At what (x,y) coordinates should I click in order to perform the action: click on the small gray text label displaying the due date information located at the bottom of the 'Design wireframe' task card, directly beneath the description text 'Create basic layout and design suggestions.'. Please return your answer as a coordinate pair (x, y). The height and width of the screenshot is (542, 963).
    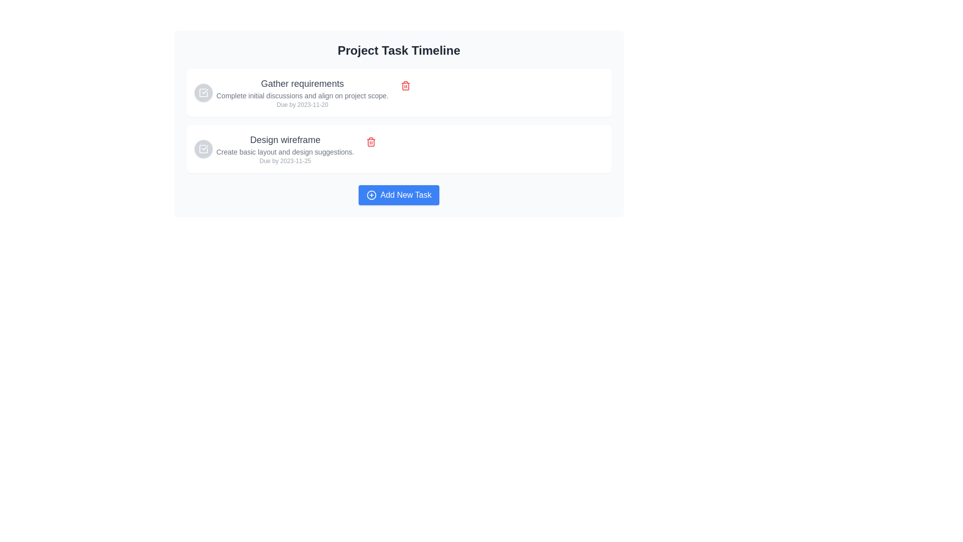
    Looking at the image, I should click on (284, 160).